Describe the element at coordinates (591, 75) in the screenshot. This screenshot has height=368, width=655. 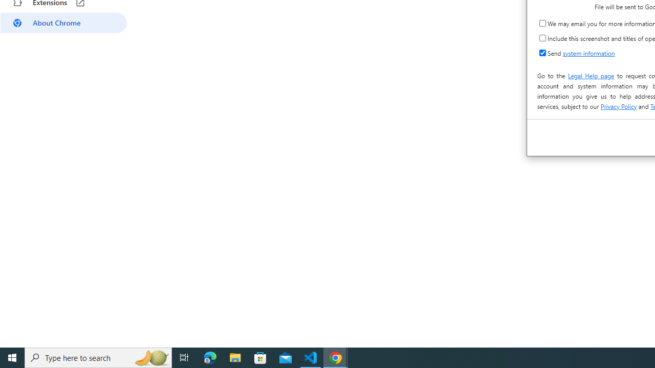
I see `'Legal Help page'` at that location.